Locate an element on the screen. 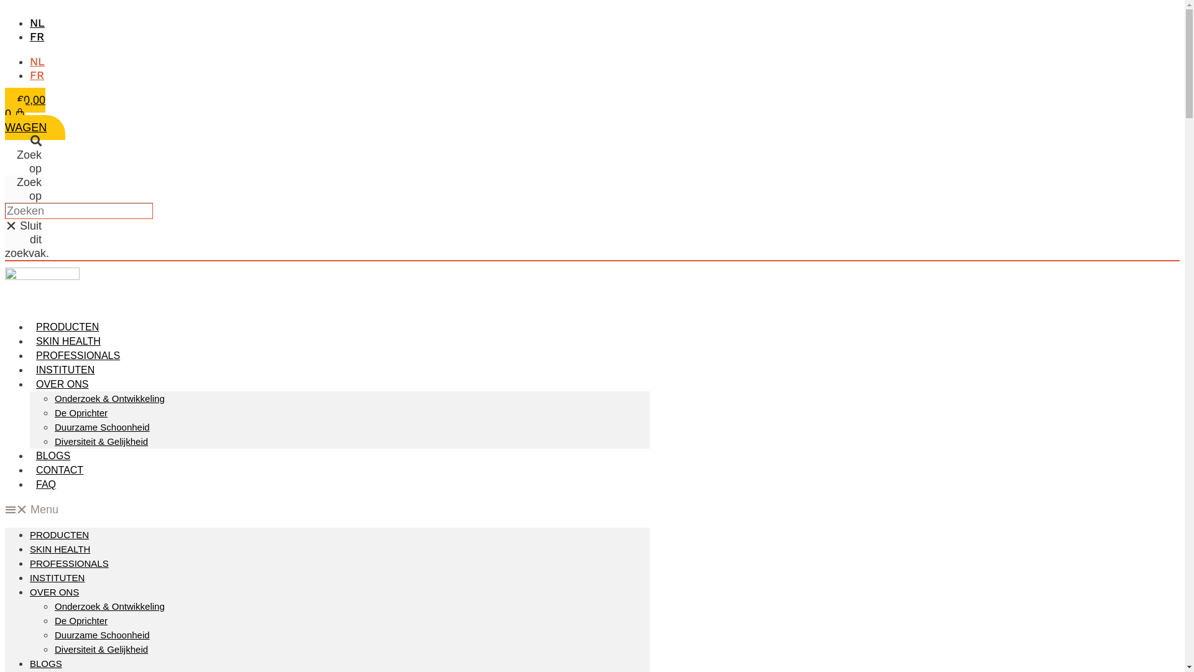 This screenshot has height=672, width=1194. 'PRODUCTEN' is located at coordinates (58, 534).